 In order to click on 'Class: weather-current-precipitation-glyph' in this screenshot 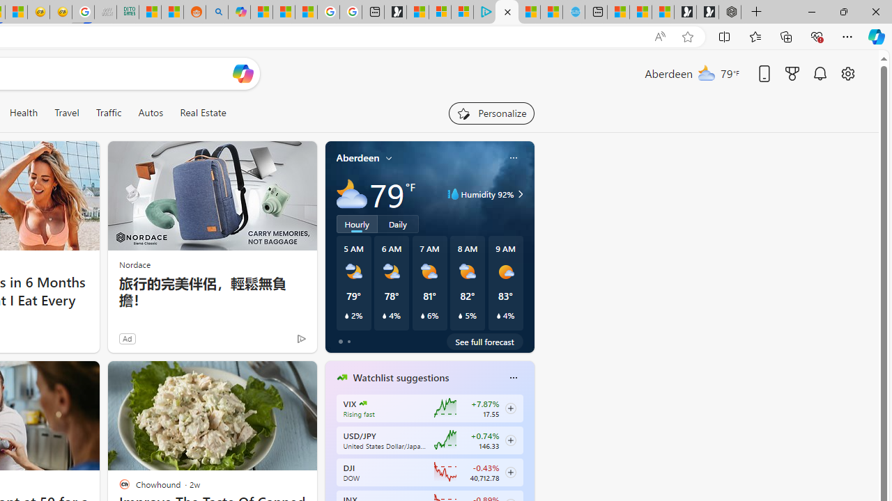, I will do `click(498, 315)`.